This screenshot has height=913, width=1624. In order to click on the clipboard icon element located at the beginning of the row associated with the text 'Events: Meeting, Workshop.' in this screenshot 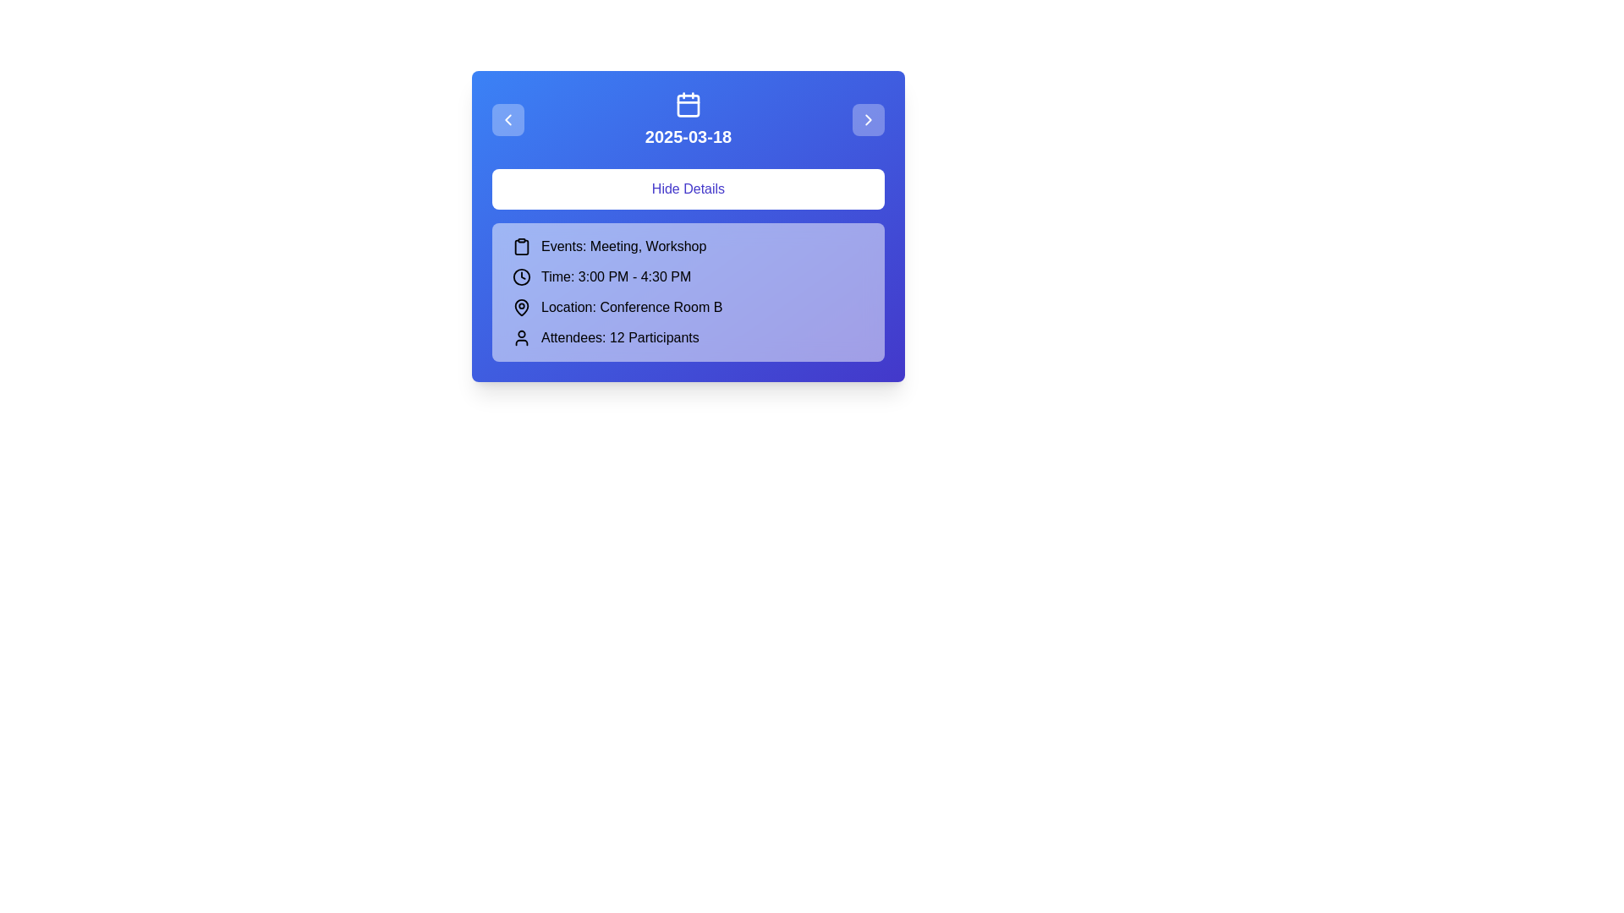, I will do `click(521, 247)`.